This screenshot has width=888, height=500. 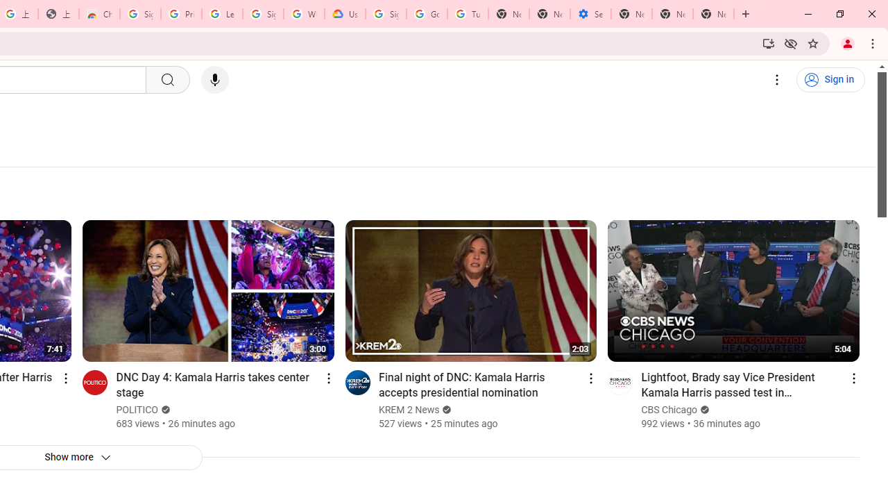 What do you see at coordinates (713, 14) in the screenshot?
I see `'New Tab'` at bounding box center [713, 14].